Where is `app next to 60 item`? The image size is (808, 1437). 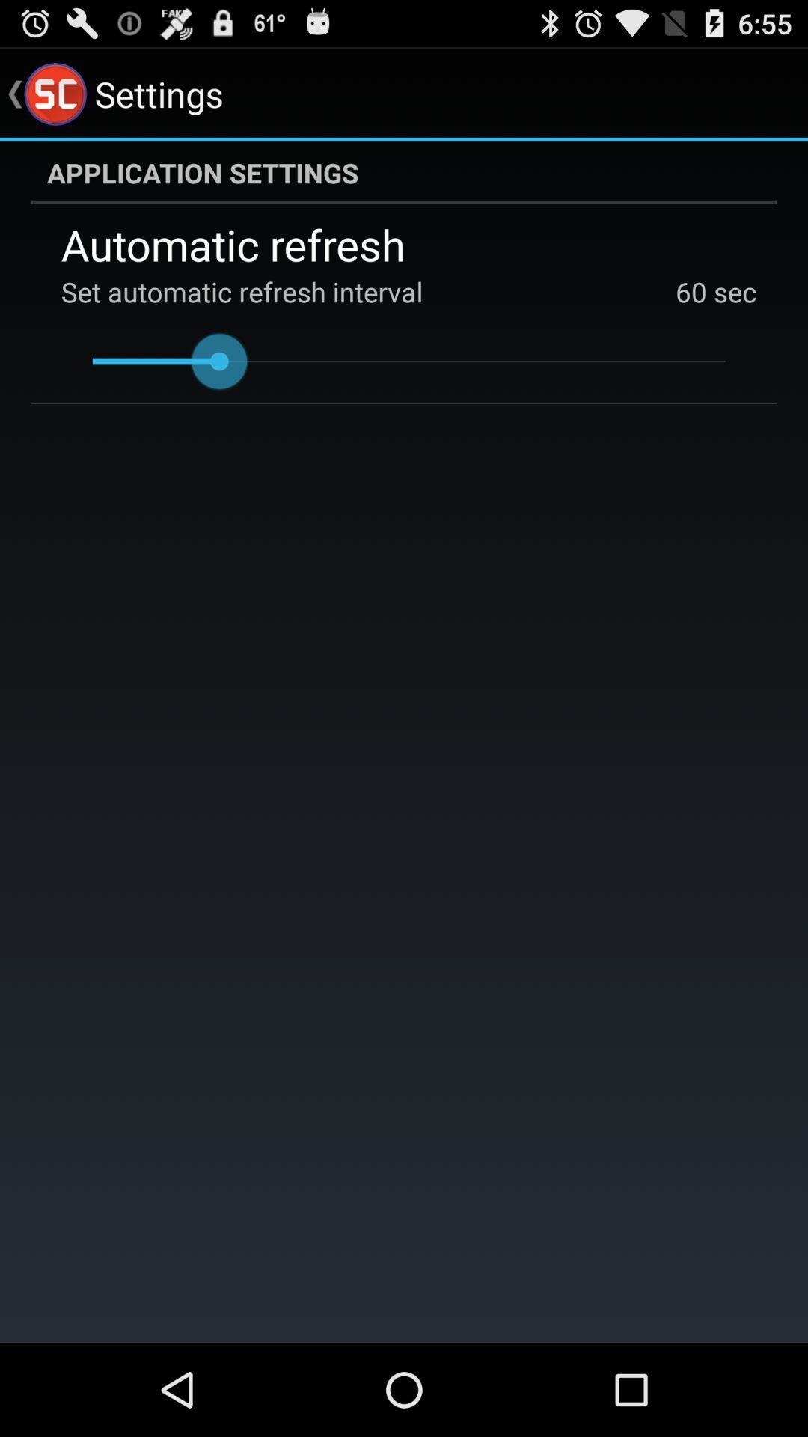
app next to 60 item is located at coordinates (731, 291).